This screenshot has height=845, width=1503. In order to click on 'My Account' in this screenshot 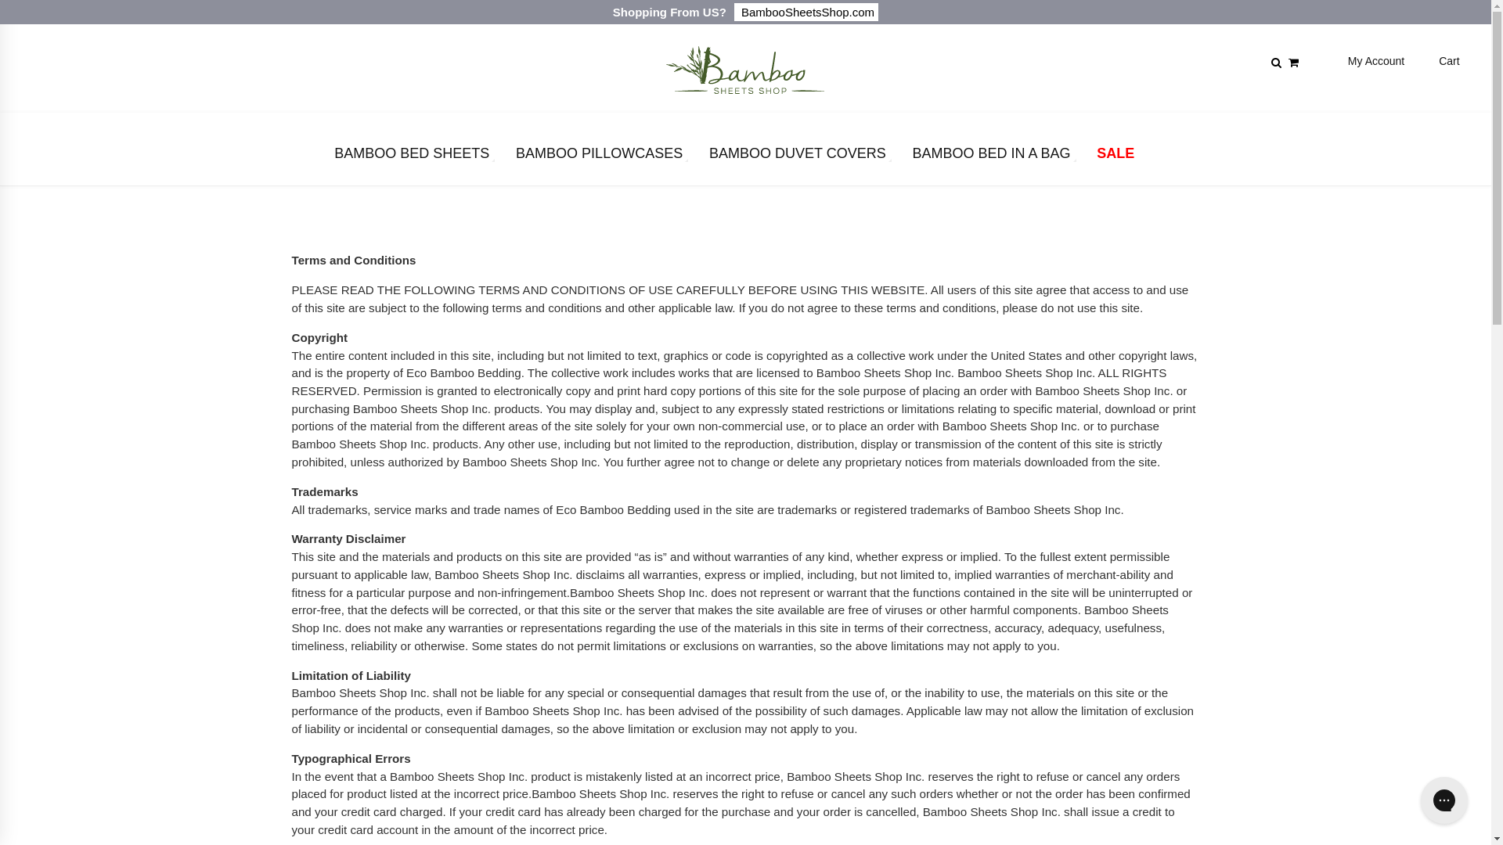, I will do `click(1347, 59)`.